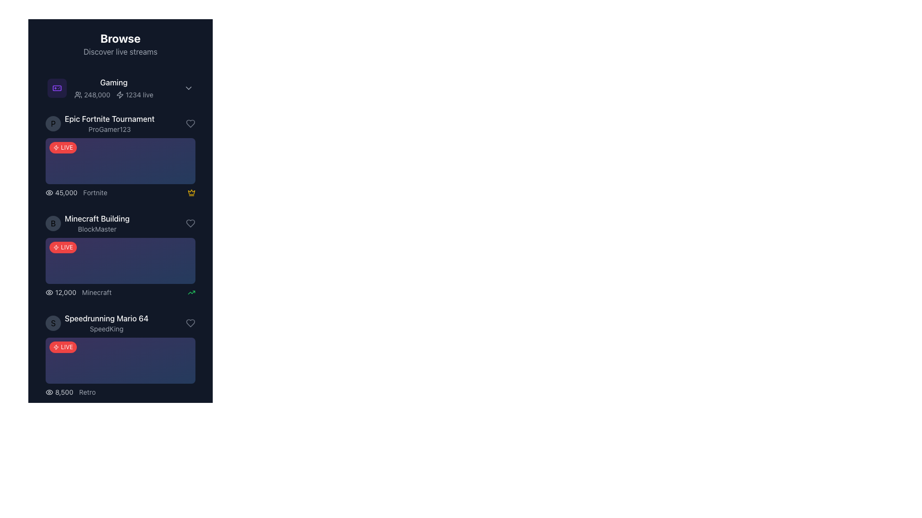  I want to click on the label indicating a thematic grouping located directly underneath 'Browse' and 'Discover live streams', which is the first word in the group containing '248,000', an icon, and '1234 live', so click(114, 82).